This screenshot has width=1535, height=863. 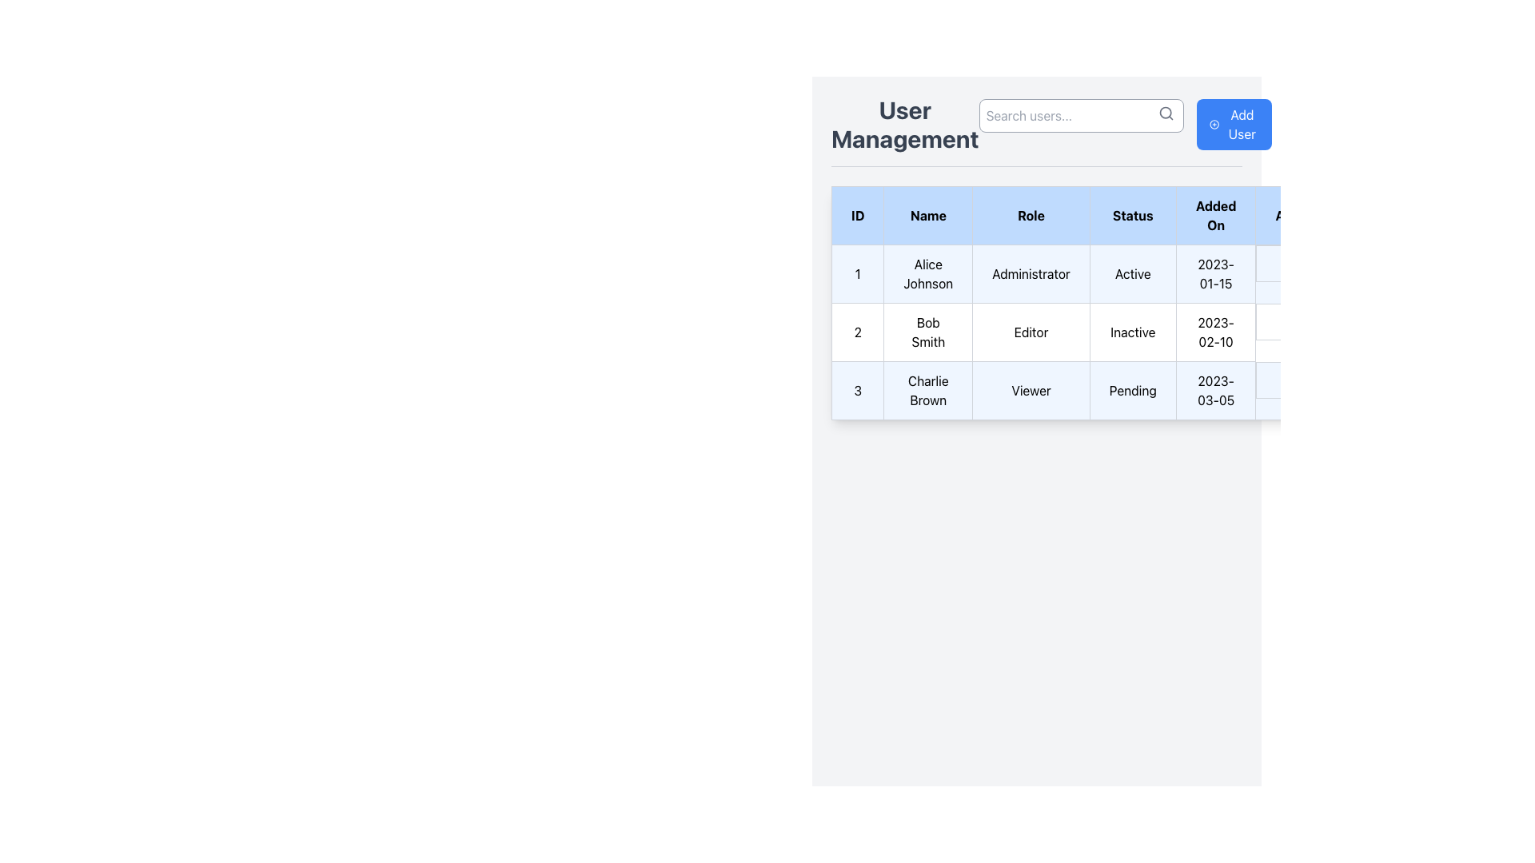 I want to click on the circular SVG shape located in the top-right corner of the interface, which is part of an icon indicating addition or inclusion, adjacent to the 'Add User' button, so click(x=1214, y=123).